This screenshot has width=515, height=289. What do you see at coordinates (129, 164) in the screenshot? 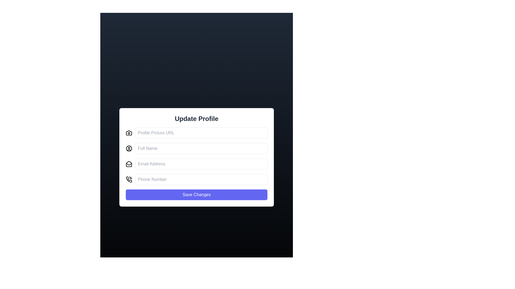
I see `the email address icon located to the left of the 'Email Address' input field` at bounding box center [129, 164].